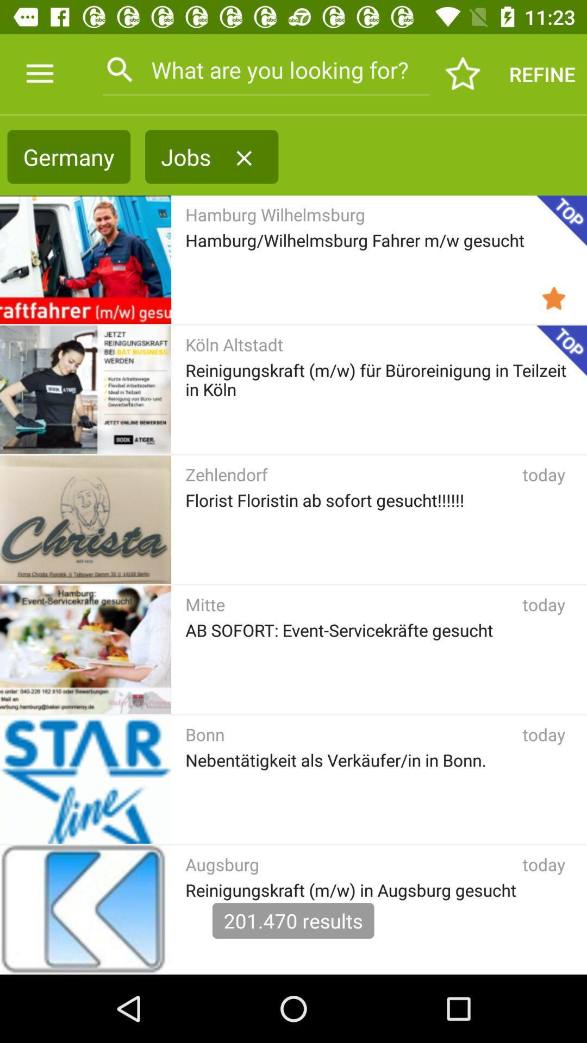 Image resolution: width=587 pixels, height=1043 pixels. What do you see at coordinates (266, 69) in the screenshot?
I see `what are you item` at bounding box center [266, 69].